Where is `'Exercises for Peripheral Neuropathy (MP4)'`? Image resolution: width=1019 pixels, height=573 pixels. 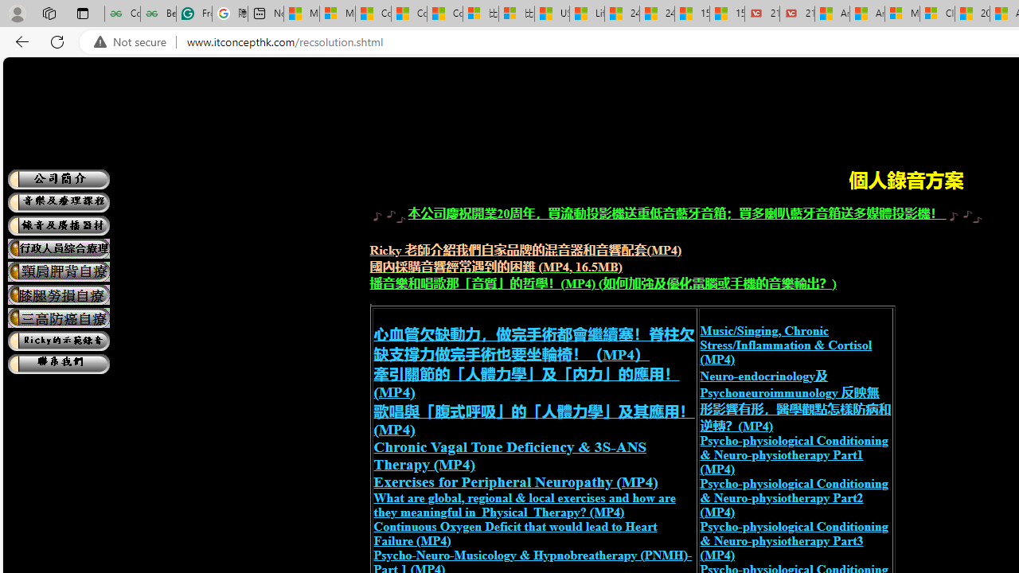
'Exercises for Peripheral Neuropathy (MP4)' is located at coordinates (515, 481).